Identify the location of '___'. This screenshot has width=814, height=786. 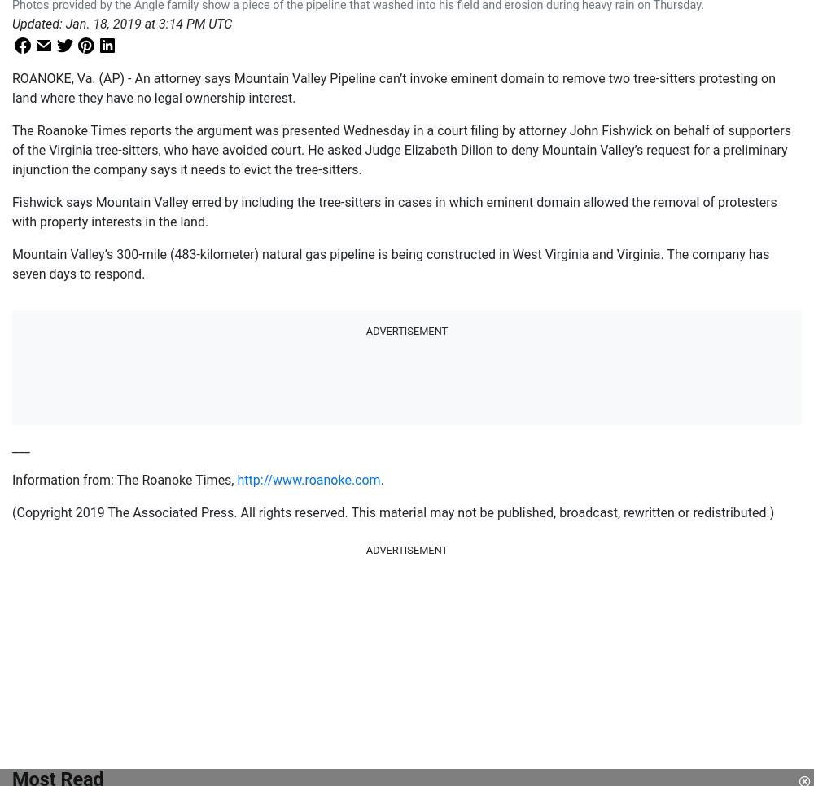
(20, 446).